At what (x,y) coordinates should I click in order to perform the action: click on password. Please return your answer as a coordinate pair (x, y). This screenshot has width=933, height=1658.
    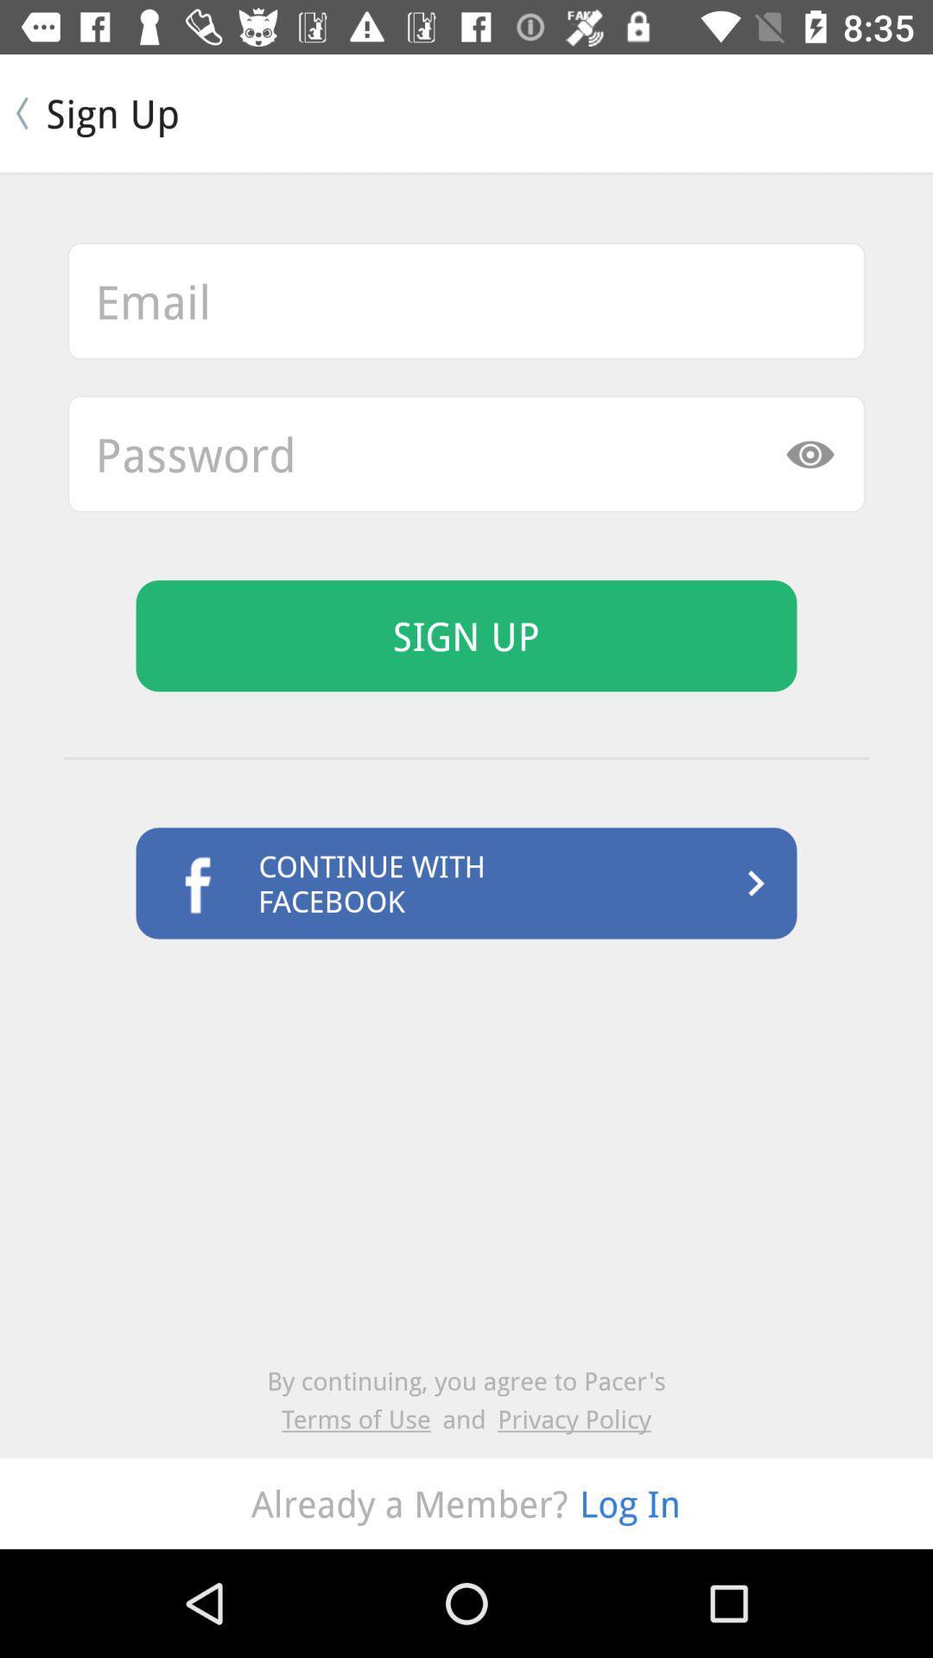
    Looking at the image, I should click on (466, 453).